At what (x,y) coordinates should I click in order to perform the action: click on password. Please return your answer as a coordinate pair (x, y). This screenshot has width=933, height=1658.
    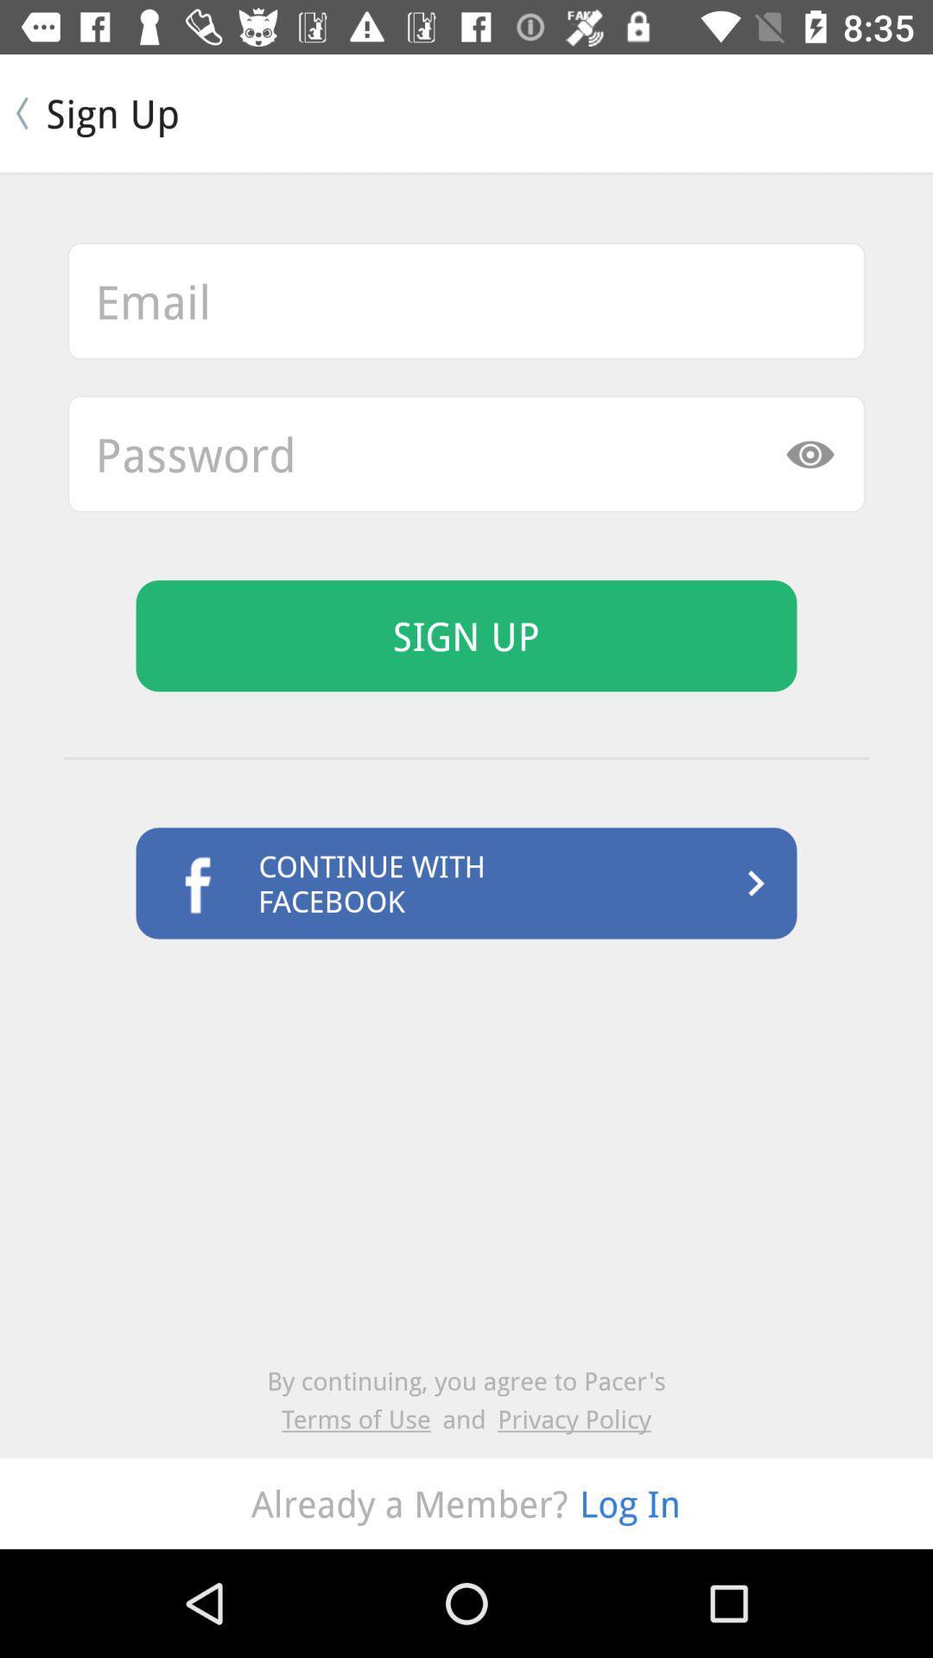
    Looking at the image, I should click on (466, 453).